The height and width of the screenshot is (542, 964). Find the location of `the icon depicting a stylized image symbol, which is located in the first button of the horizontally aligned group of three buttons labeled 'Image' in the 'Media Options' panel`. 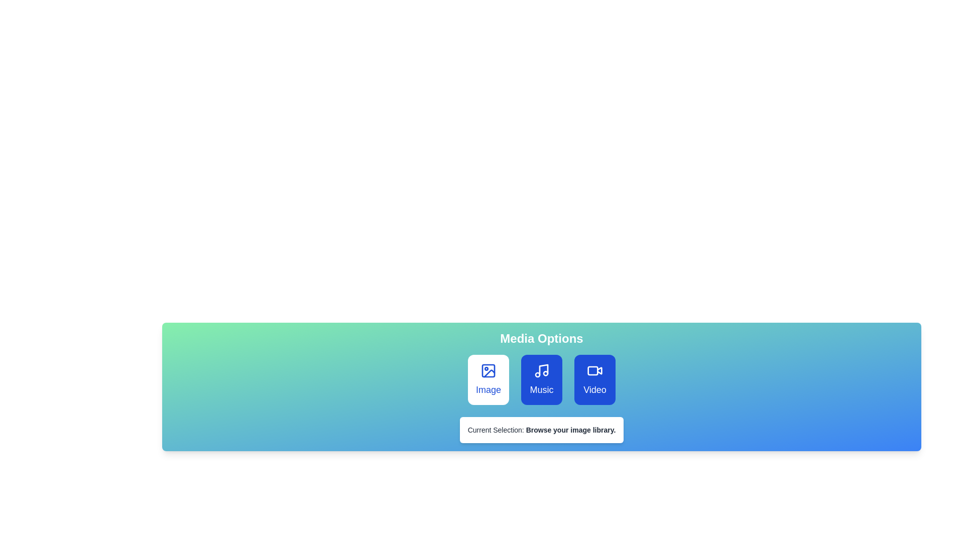

the icon depicting a stylized image symbol, which is located in the first button of the horizontally aligned group of three buttons labeled 'Image' in the 'Media Options' panel is located at coordinates (489, 371).